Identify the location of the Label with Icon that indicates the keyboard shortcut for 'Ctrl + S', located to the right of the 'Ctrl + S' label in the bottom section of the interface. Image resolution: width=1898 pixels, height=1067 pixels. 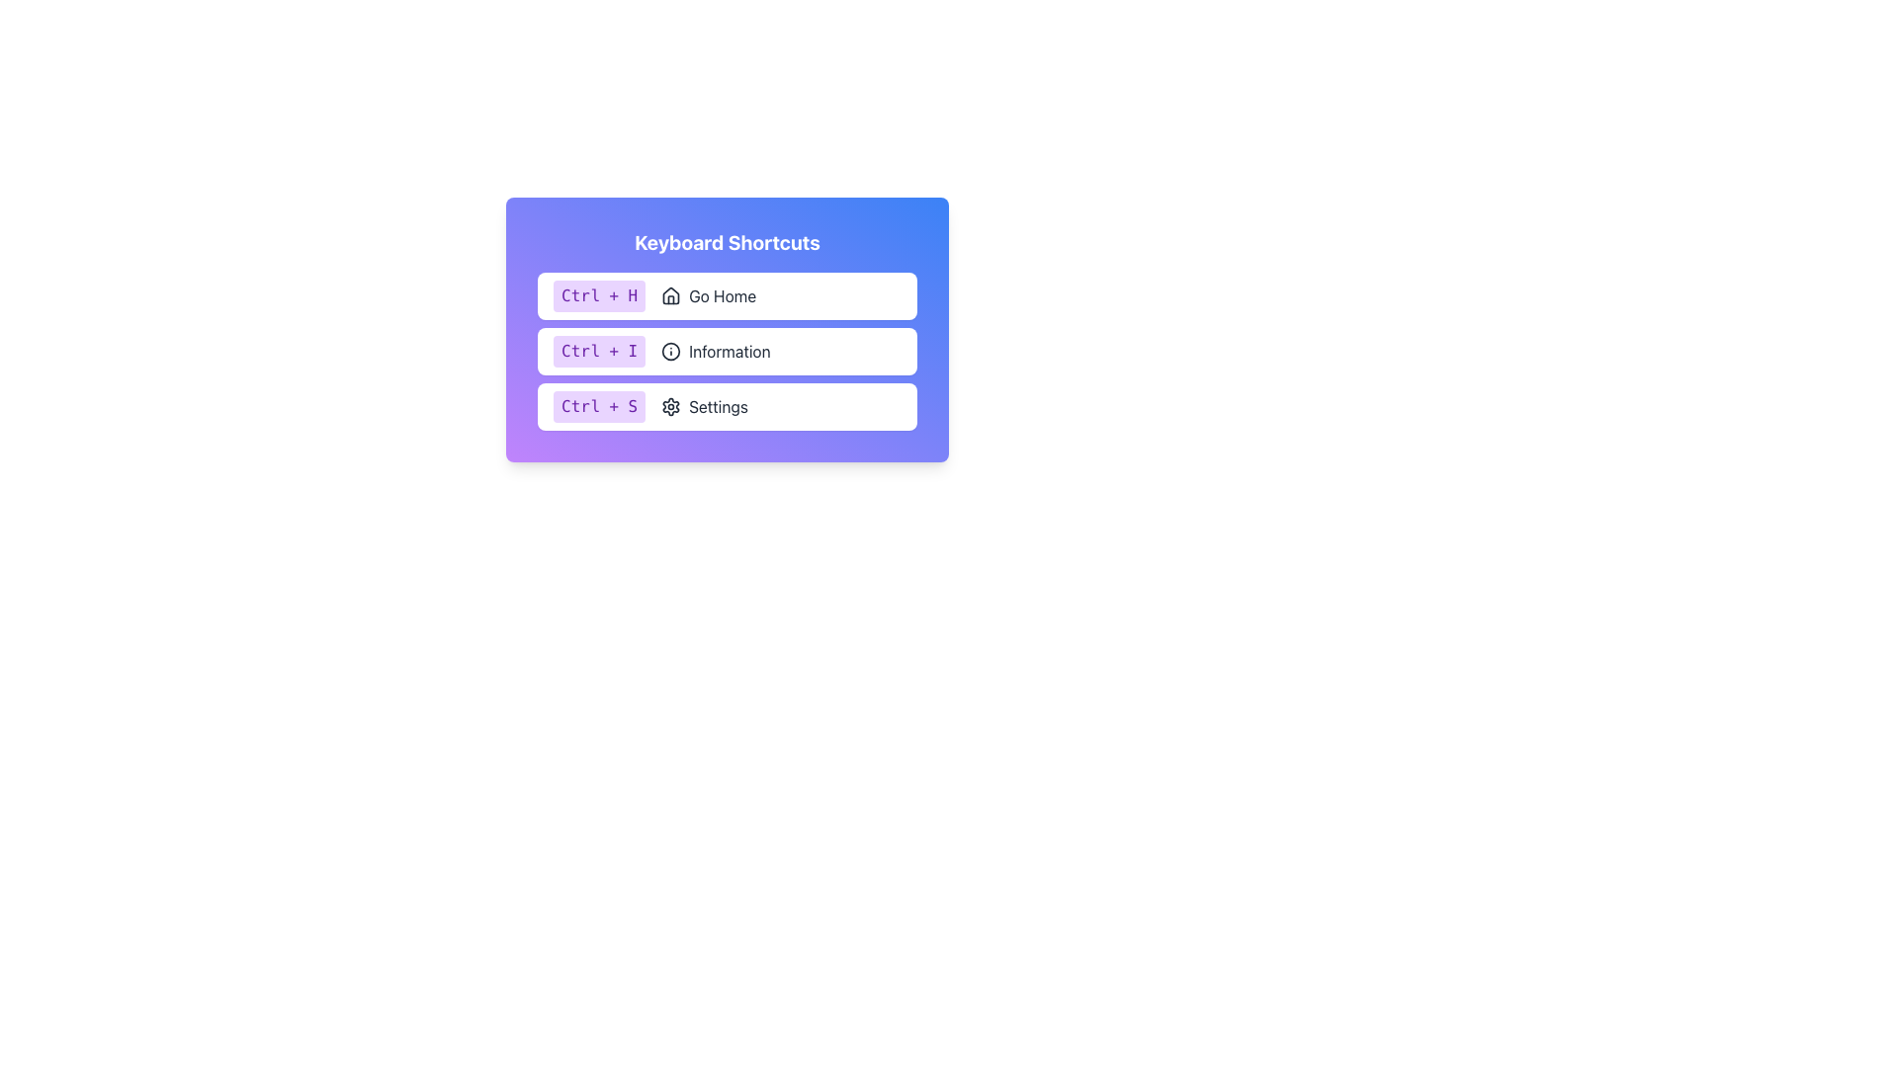
(705, 406).